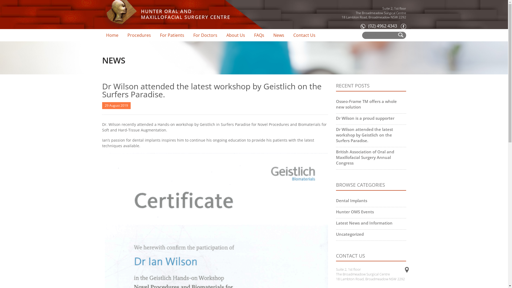  What do you see at coordinates (139, 35) in the screenshot?
I see `'Procedures'` at bounding box center [139, 35].